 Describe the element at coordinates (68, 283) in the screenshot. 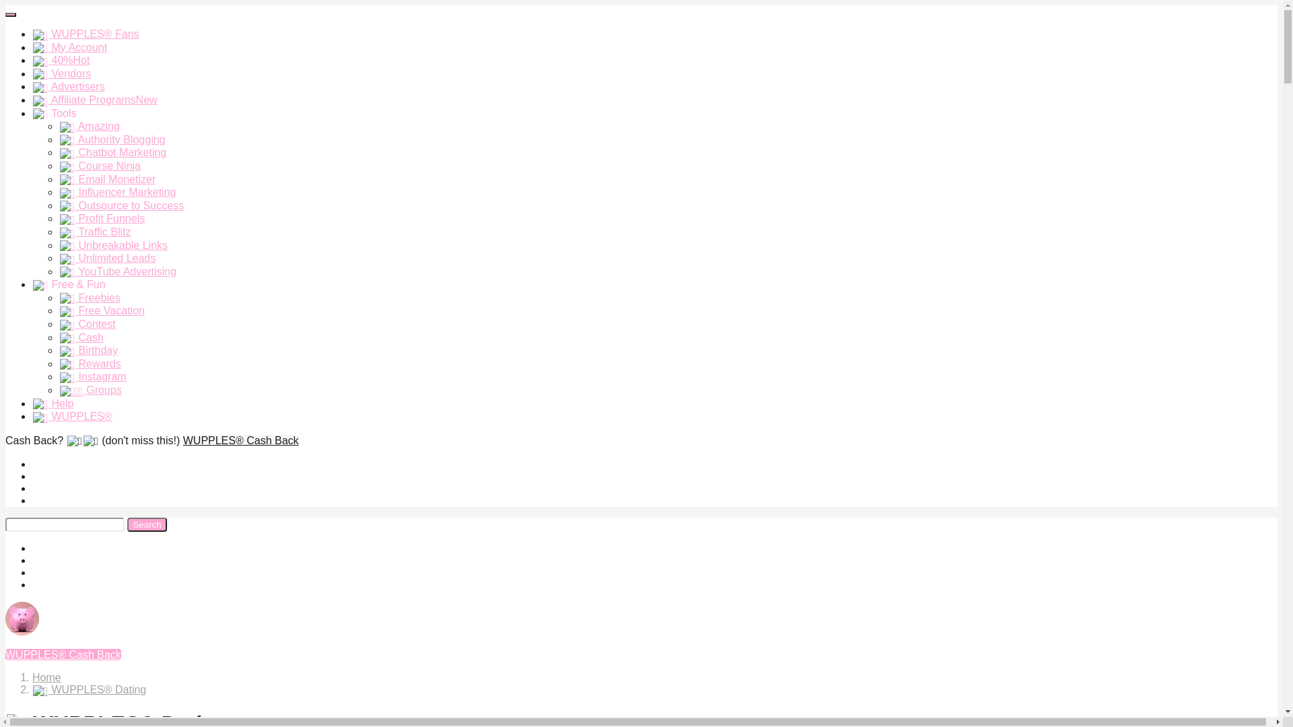

I see `'Free & Fun'` at that location.